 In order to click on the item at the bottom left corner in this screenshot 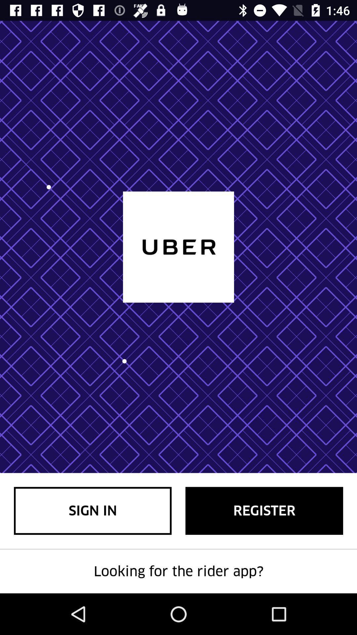, I will do `click(93, 510)`.